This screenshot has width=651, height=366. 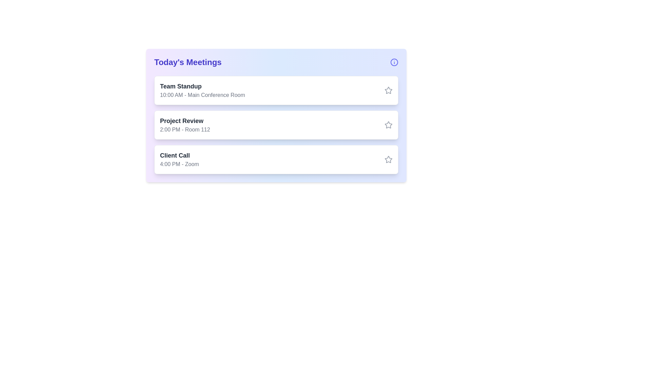 What do you see at coordinates (179, 164) in the screenshot?
I see `the text element displaying '4:00 PM - Zoom' in gray font, located beneath the 'Client Call' header in the meeting schedule card` at bounding box center [179, 164].